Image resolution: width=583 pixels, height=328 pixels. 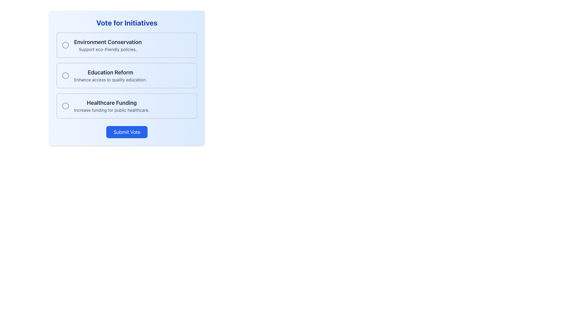 I want to click on the 'Education Reform' text label, which is styled in bold and dark gray, positioned as the title of the second option group in the vertical list, so click(x=110, y=72).